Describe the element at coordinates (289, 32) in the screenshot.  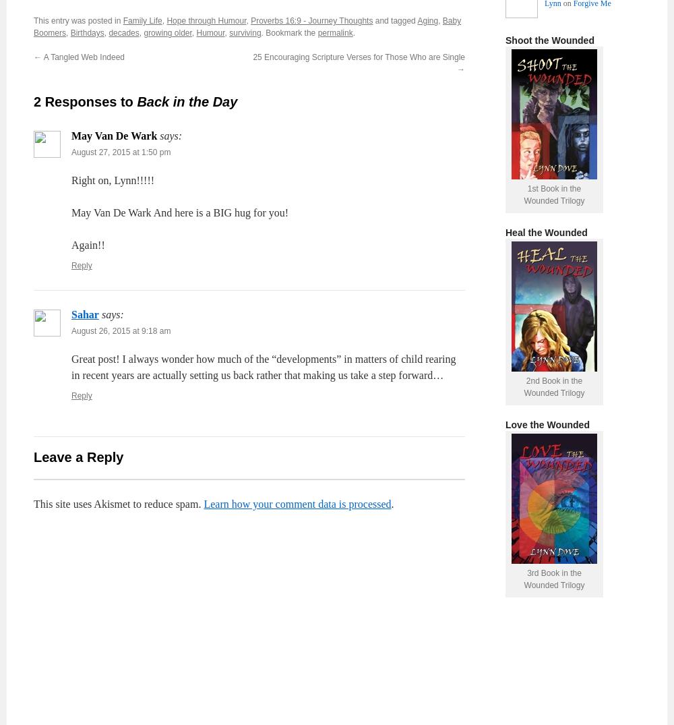
I see `'. Bookmark the'` at that location.